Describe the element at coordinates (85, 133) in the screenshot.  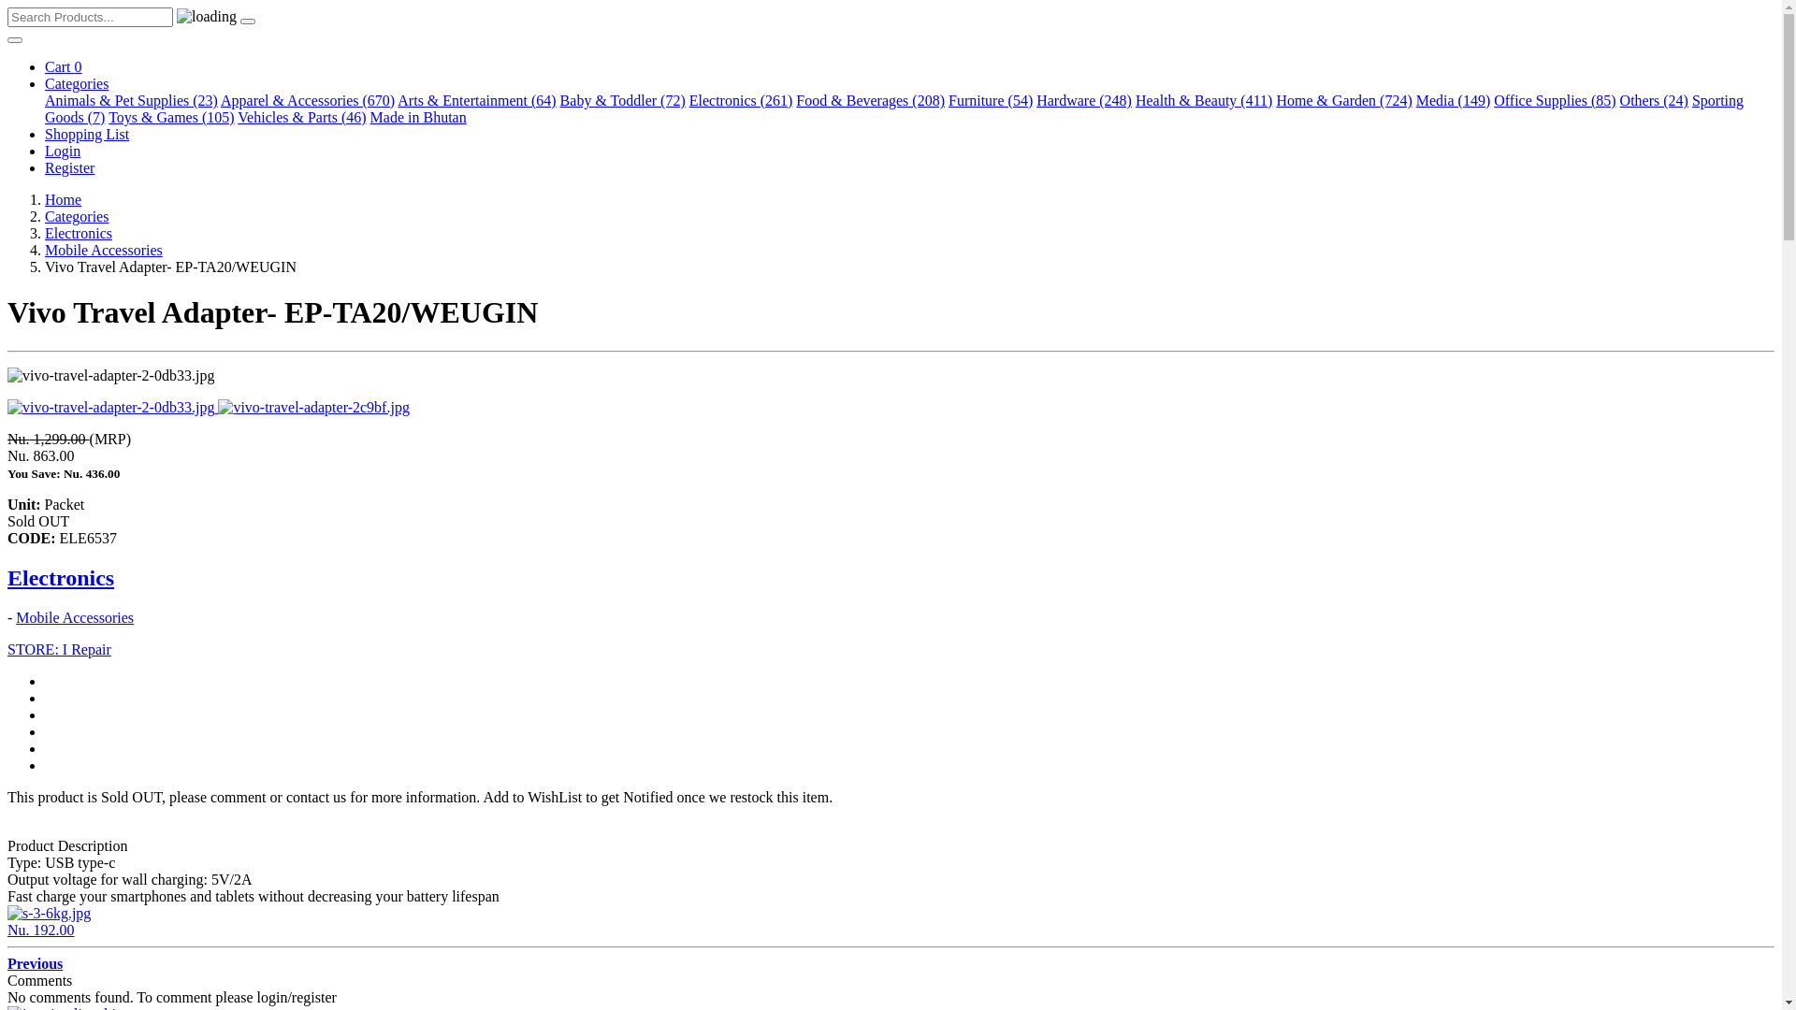
I see `'Shopping List'` at that location.